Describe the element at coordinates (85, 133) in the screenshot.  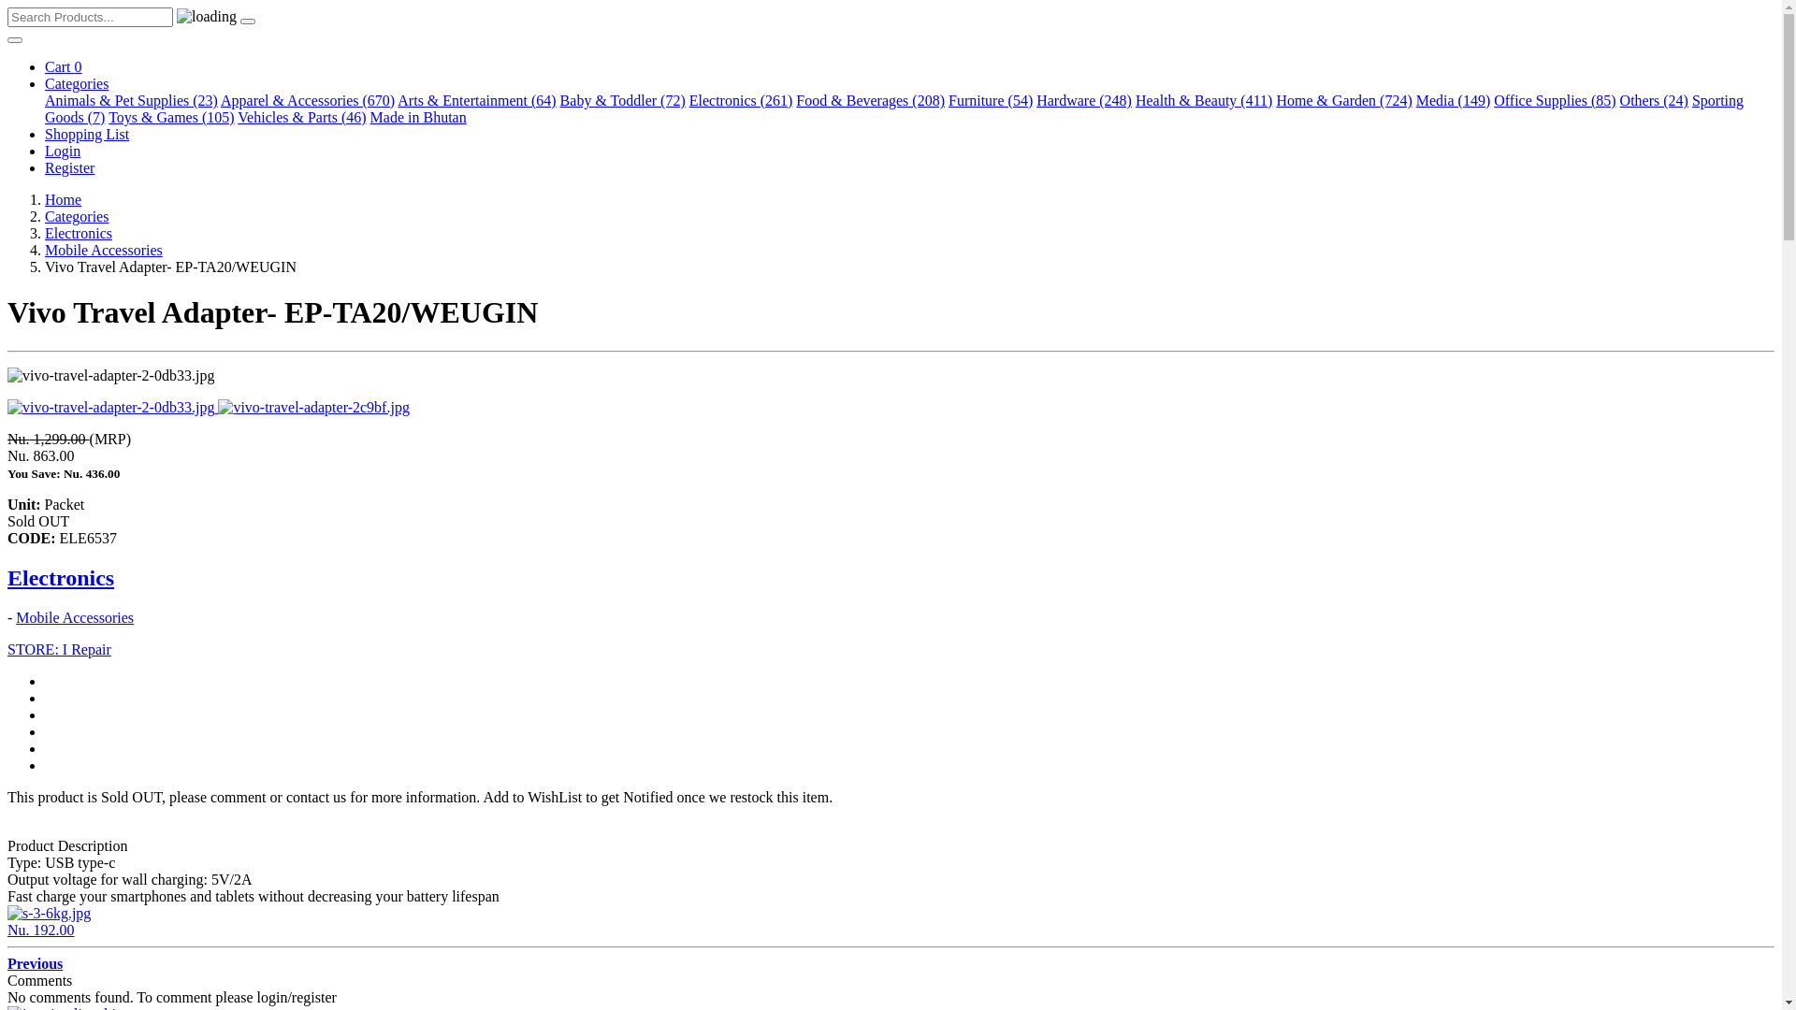
I see `'Shopping List'` at that location.